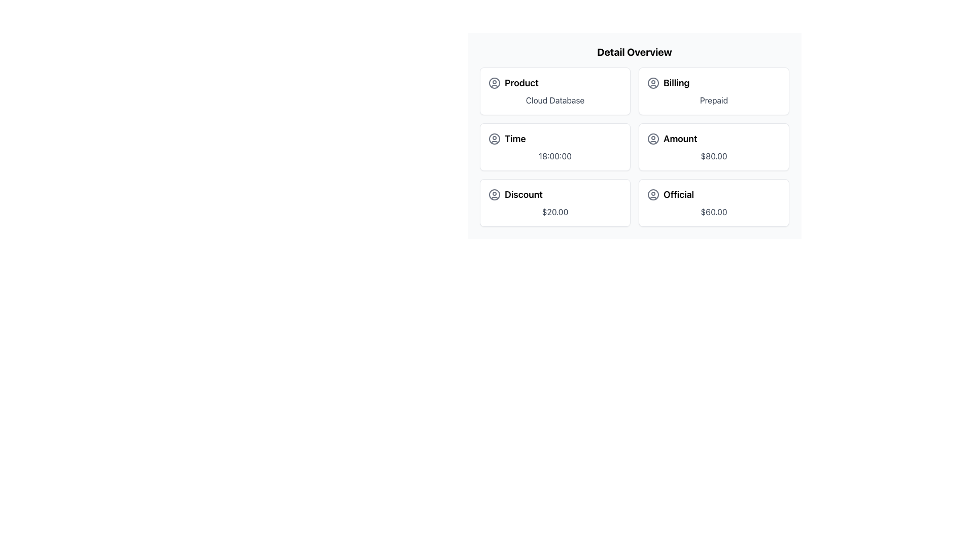 The height and width of the screenshot is (548, 974). I want to click on the circular user profile icon outlined with a bold gray border, located to the left of the text 'Product' in the first row of the grid layout, so click(494, 83).